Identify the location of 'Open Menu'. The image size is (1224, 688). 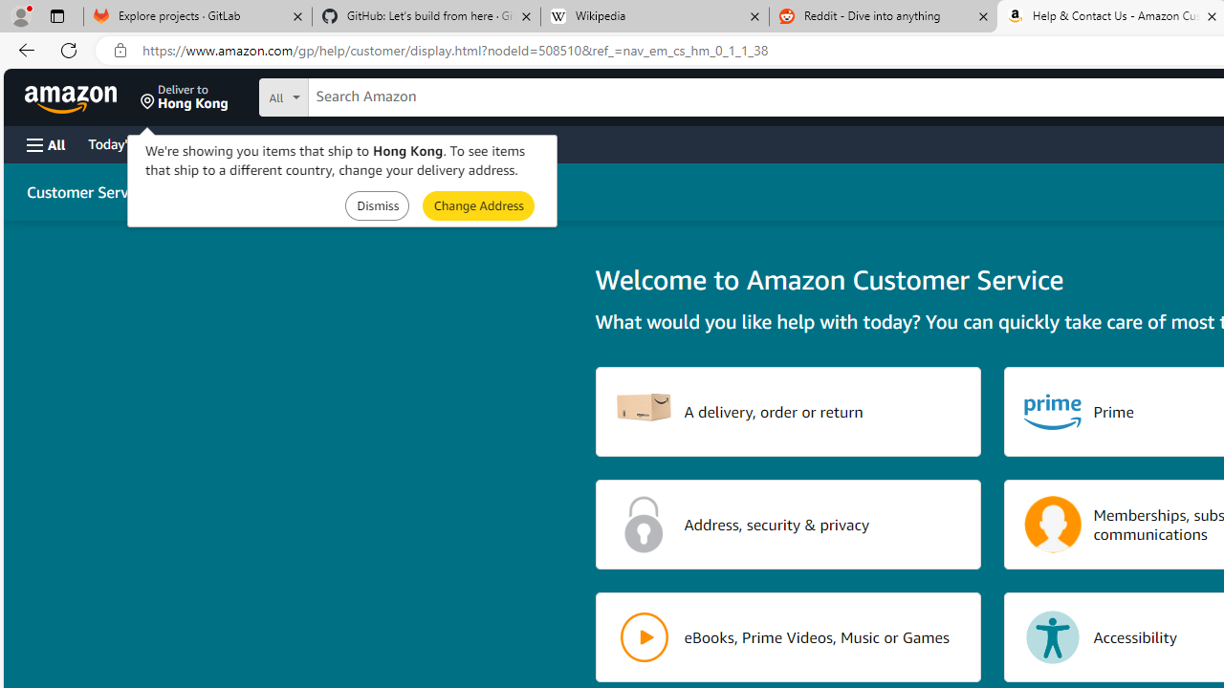
(46, 143).